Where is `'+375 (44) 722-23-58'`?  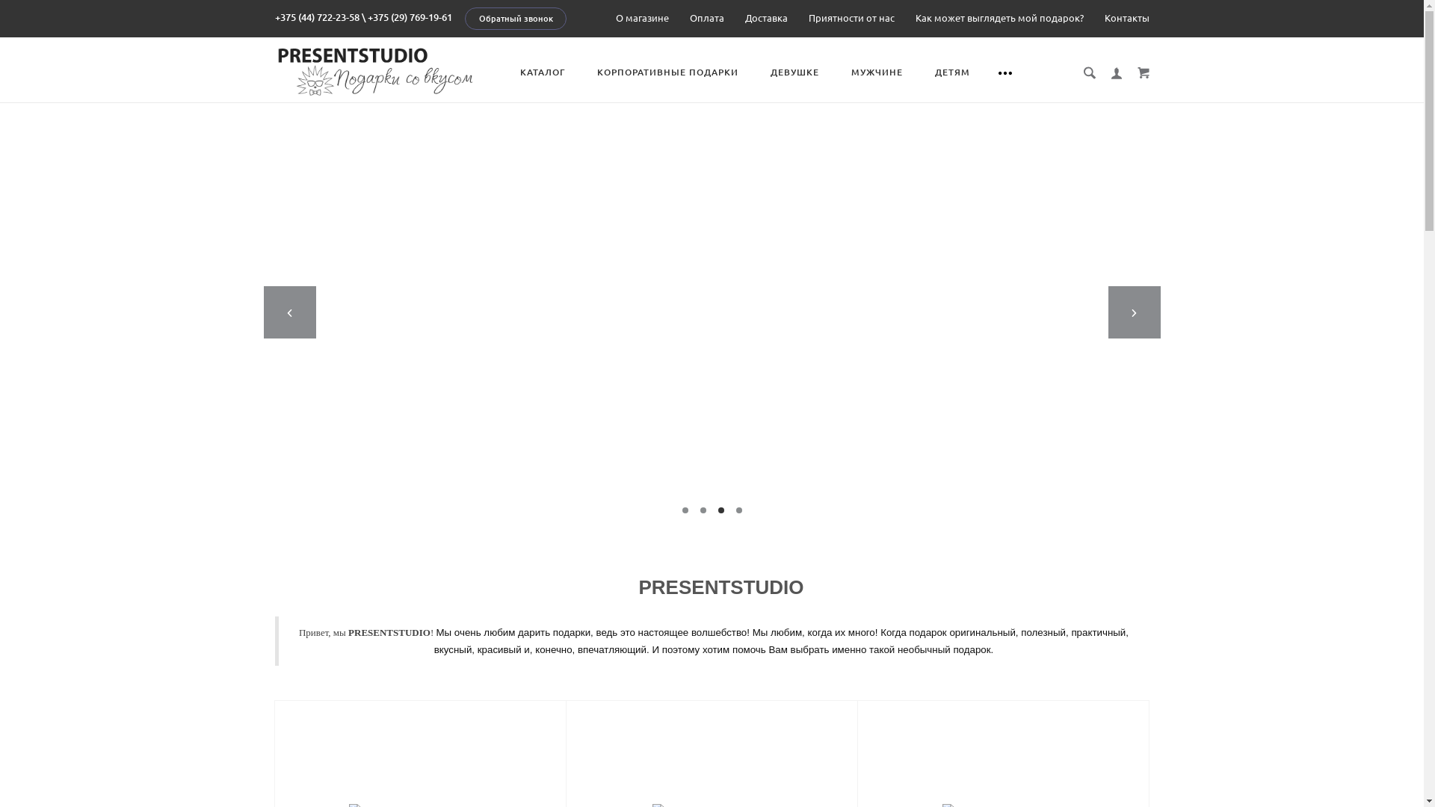 '+375 (44) 722-23-58' is located at coordinates (316, 17).